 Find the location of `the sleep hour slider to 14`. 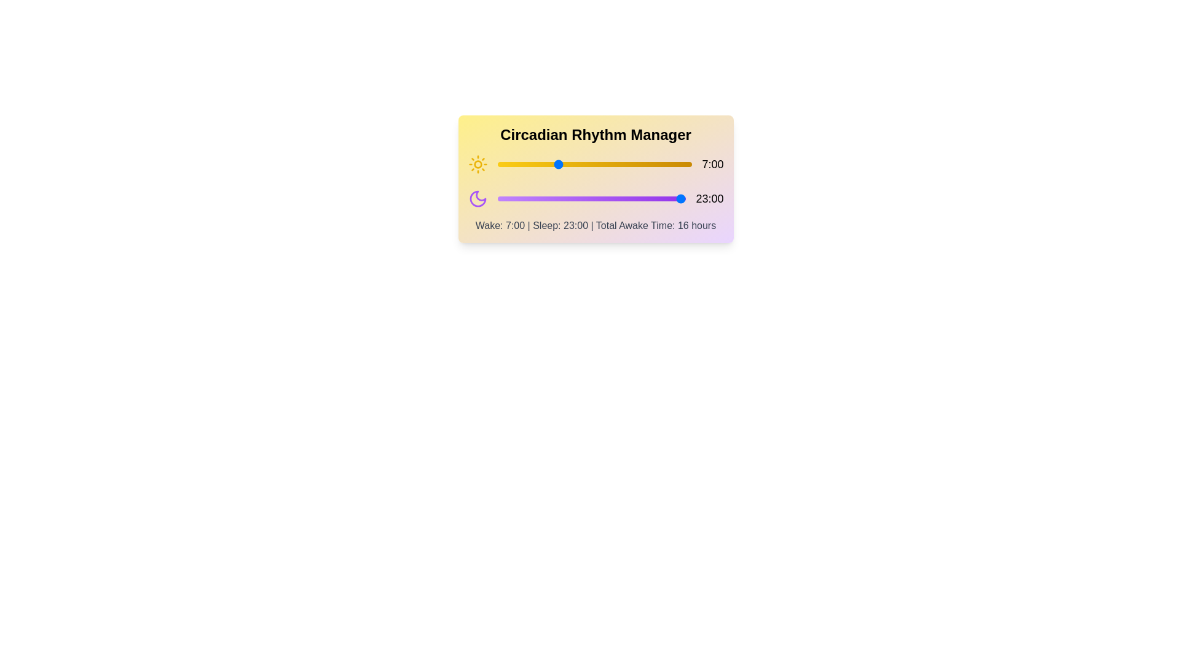

the sleep hour slider to 14 is located at coordinates (612, 198).